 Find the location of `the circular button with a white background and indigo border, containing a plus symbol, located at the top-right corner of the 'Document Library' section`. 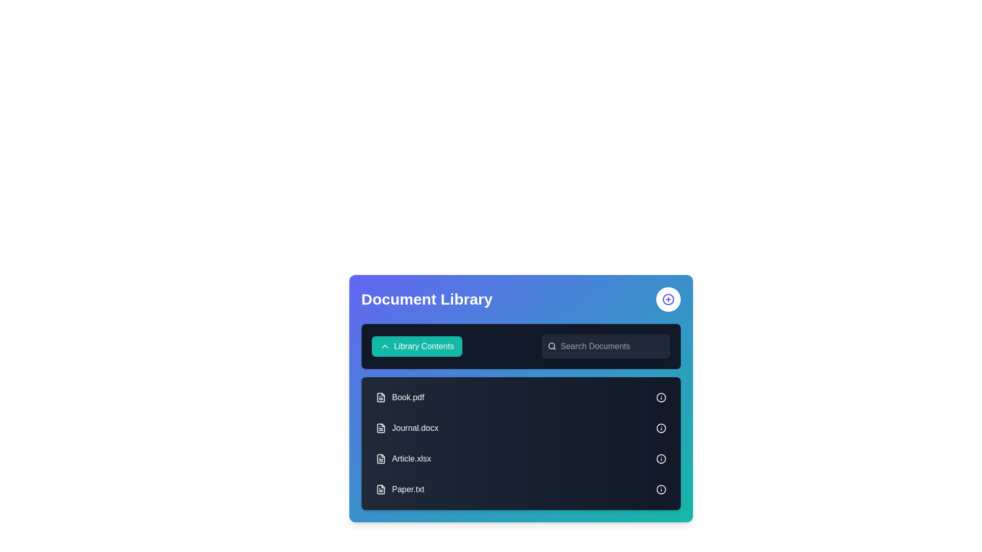

the circular button with a white background and indigo border, containing a plus symbol, located at the top-right corner of the 'Document Library' section is located at coordinates (668, 299).